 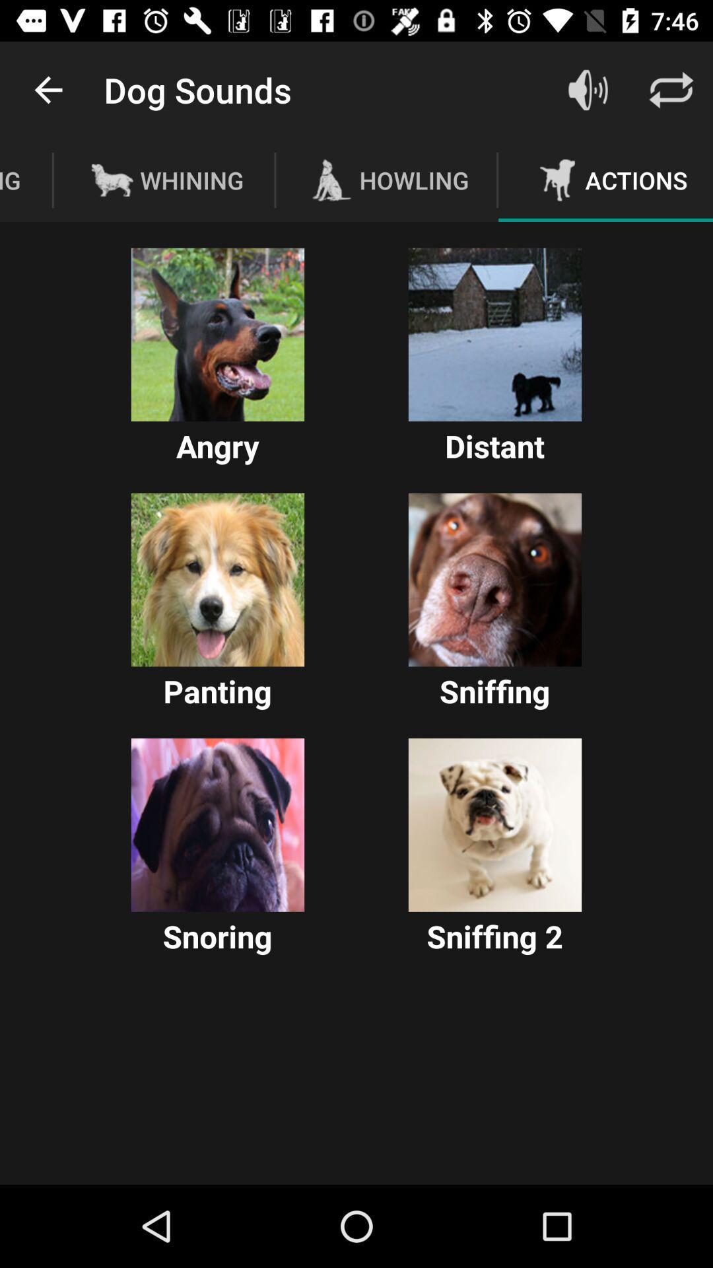 I want to click on icon to the right of howling, so click(x=588, y=89).